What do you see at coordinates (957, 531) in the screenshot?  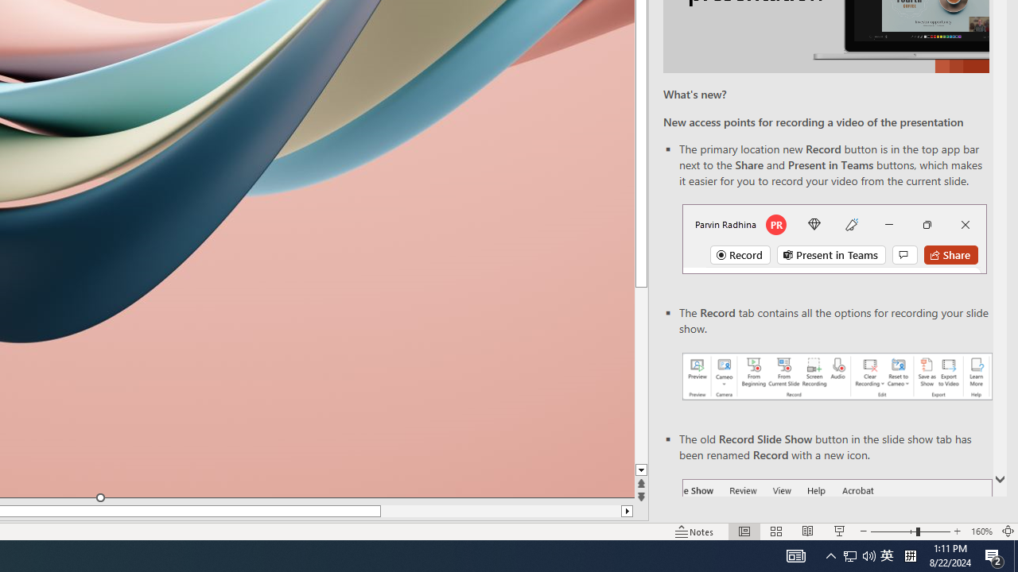 I see `'Zoom In'` at bounding box center [957, 531].